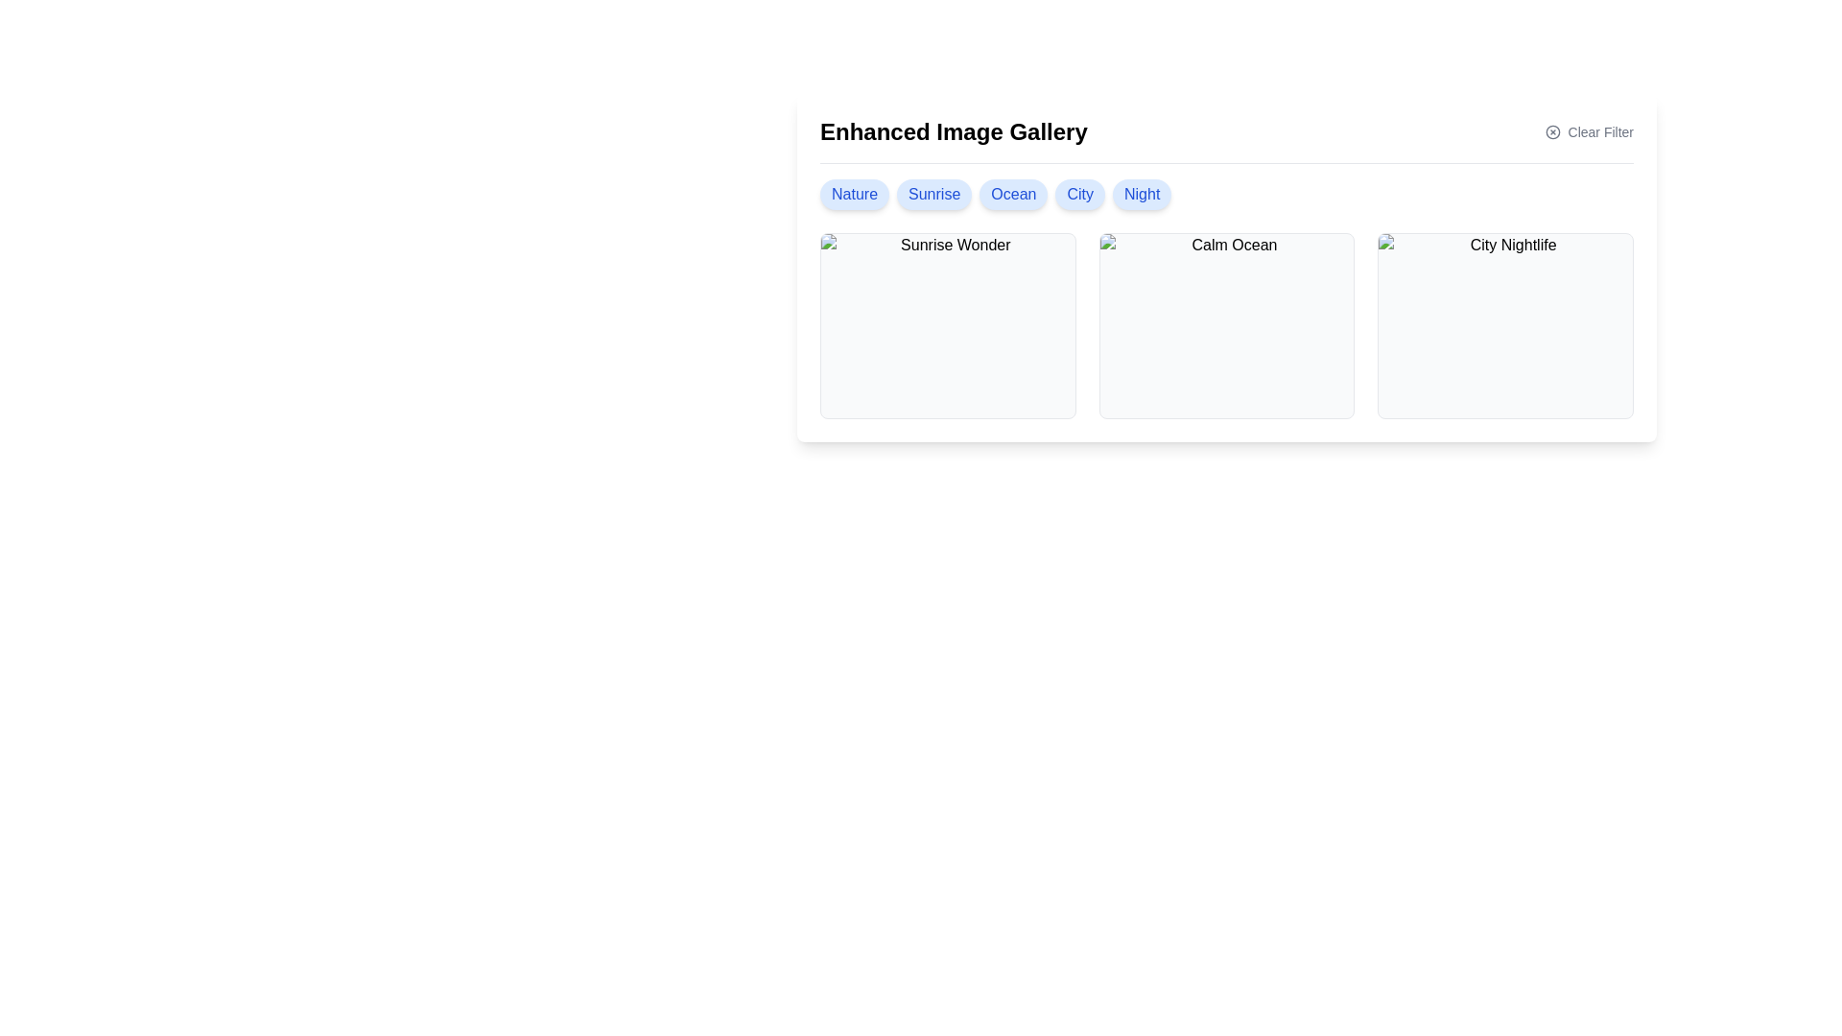 This screenshot has width=1842, height=1036. What do you see at coordinates (854, 195) in the screenshot?
I see `the 'Nature' filter button located just beneath the title 'Enhanced Image Gallery'` at bounding box center [854, 195].